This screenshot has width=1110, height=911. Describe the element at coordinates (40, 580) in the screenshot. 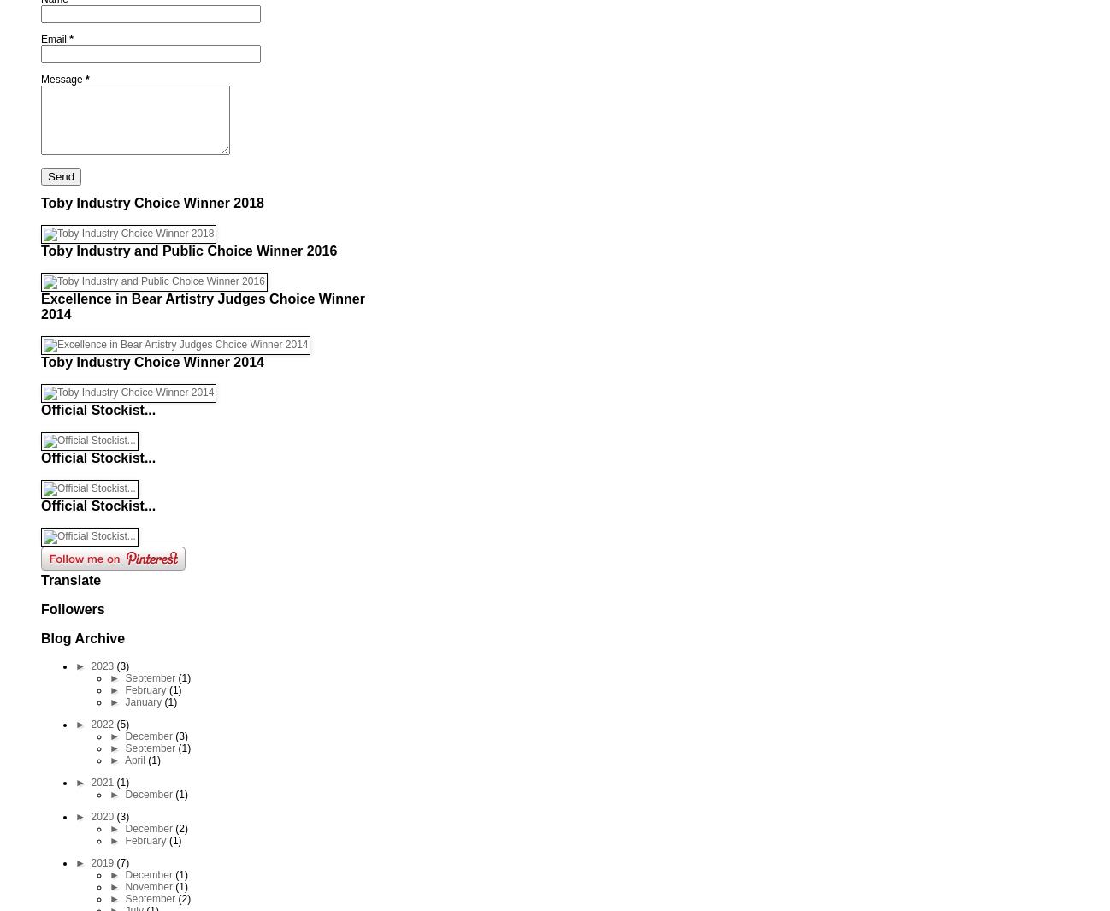

I see `'Translate'` at that location.